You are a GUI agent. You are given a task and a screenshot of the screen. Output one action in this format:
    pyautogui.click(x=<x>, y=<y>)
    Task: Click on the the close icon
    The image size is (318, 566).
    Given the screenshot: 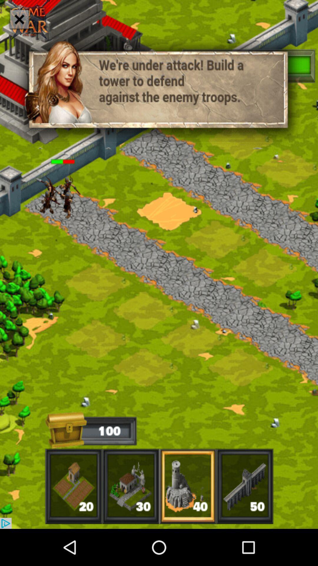 What is the action you would take?
    pyautogui.click(x=19, y=21)
    